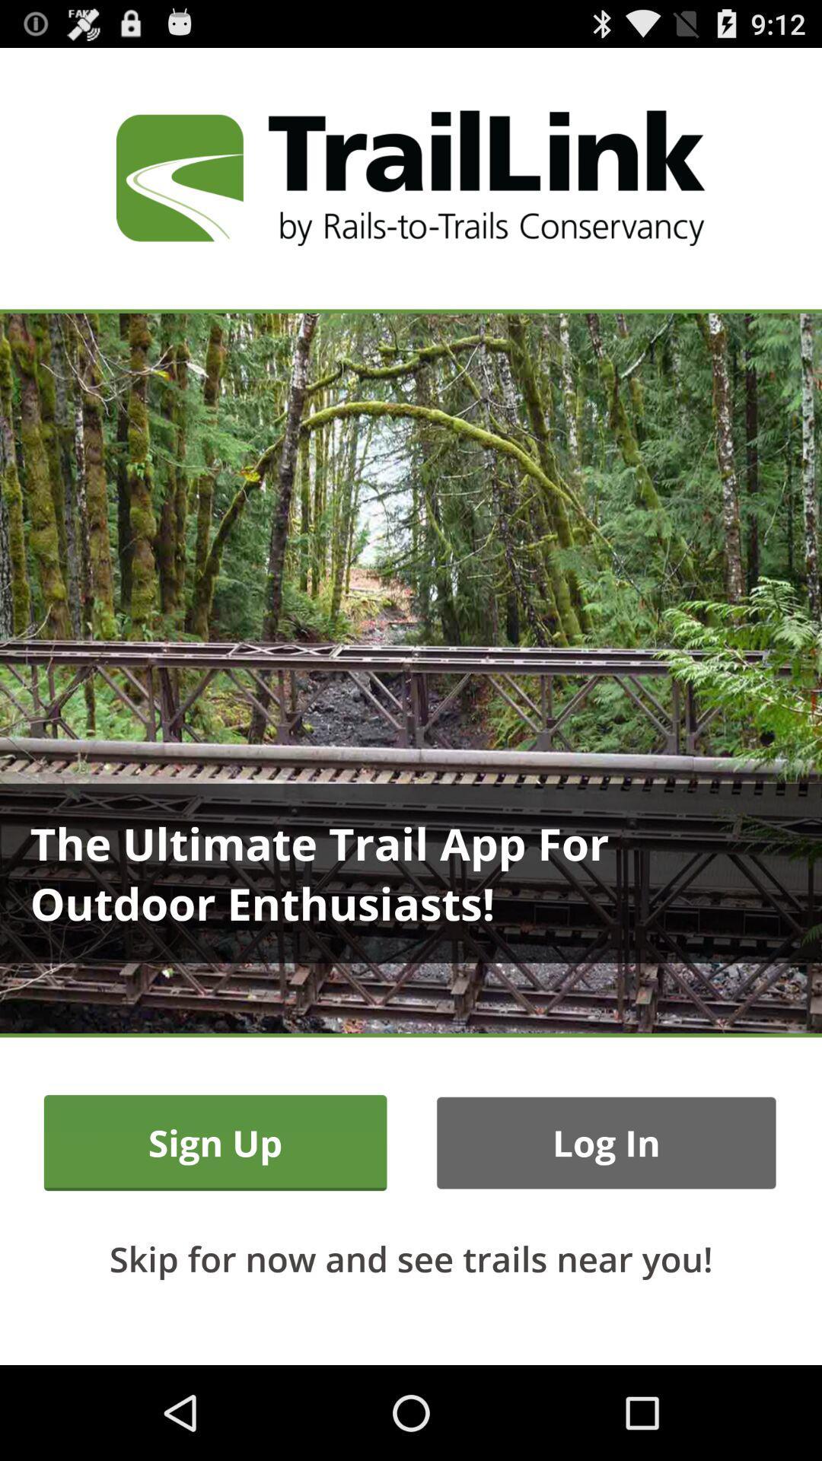 The width and height of the screenshot is (822, 1461). I want to click on the sign up item, so click(215, 1143).